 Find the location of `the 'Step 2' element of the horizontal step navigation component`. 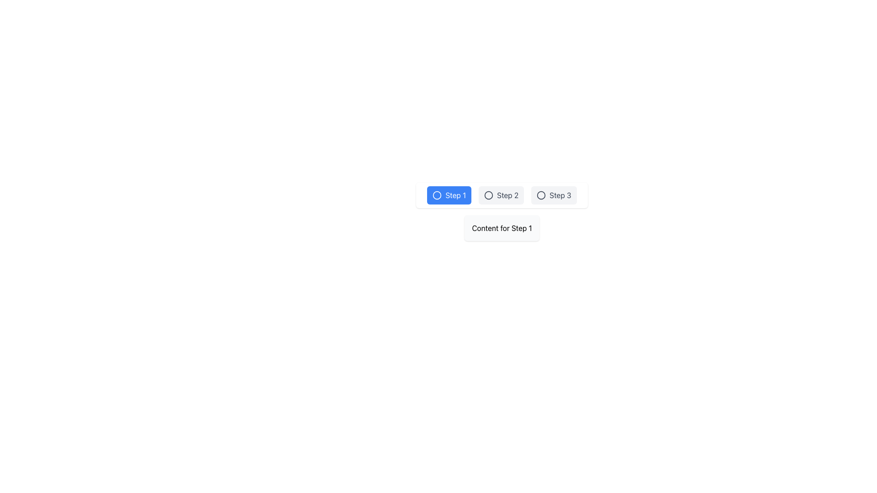

the 'Step 2' element of the horizontal step navigation component is located at coordinates (502, 195).